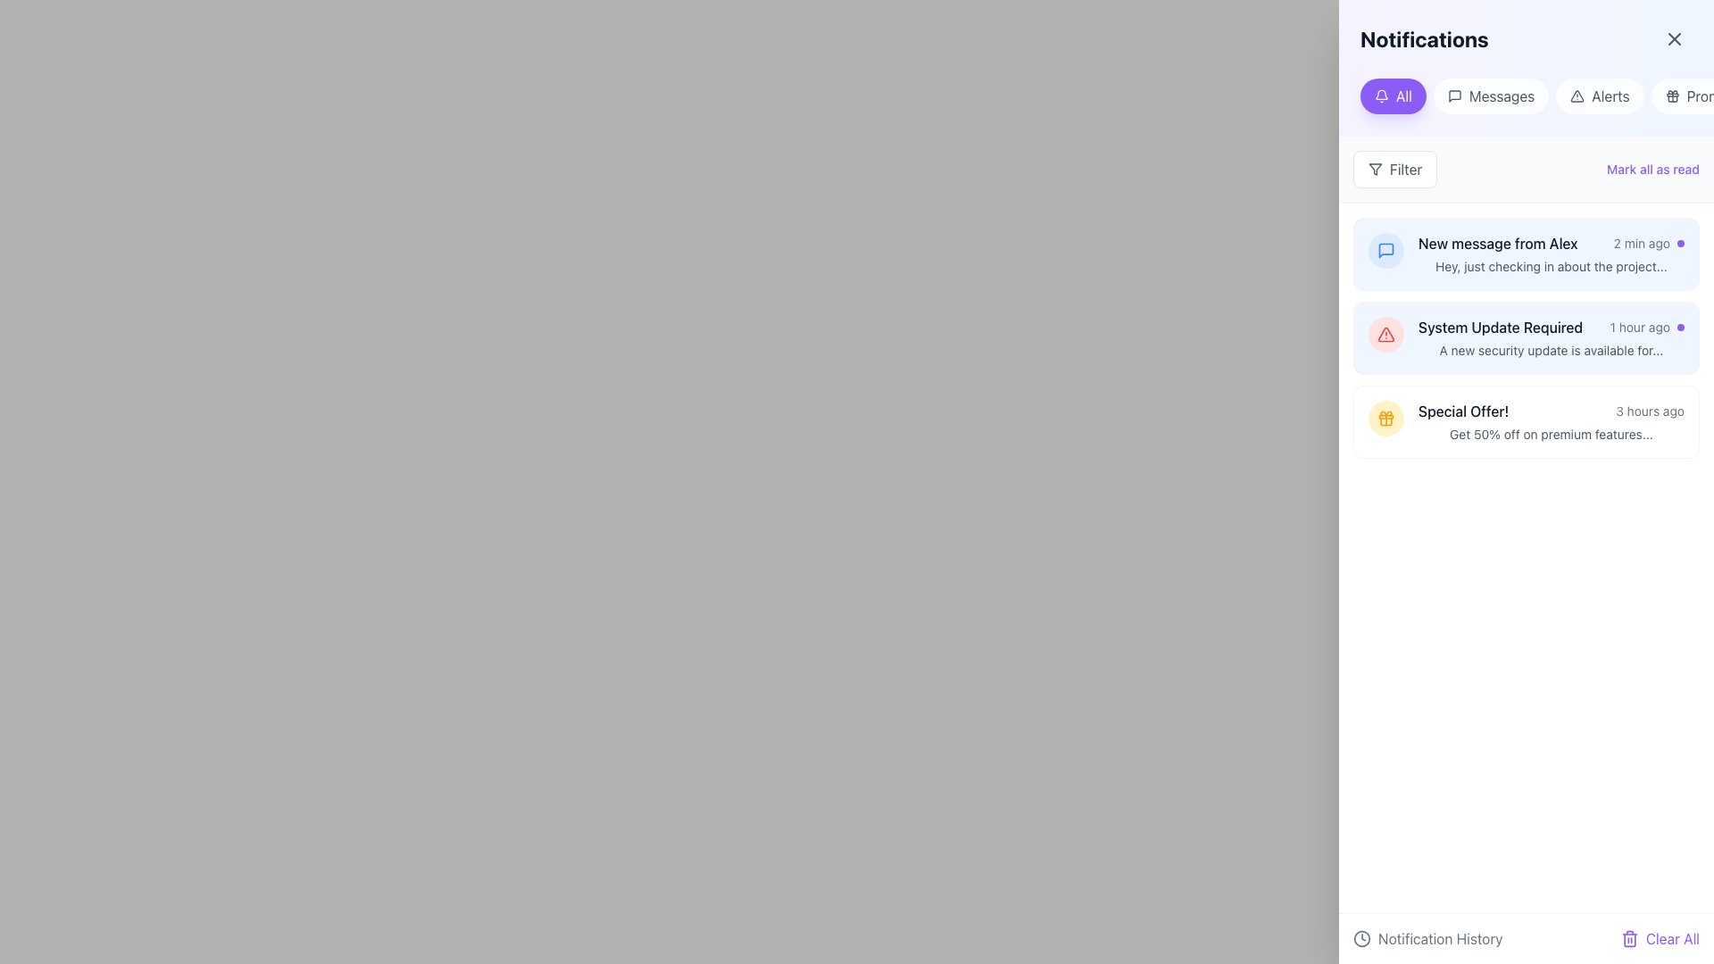 Image resolution: width=1714 pixels, height=964 pixels. Describe the element at coordinates (1577, 96) in the screenshot. I see `the alert icon in the notification filter bar located in the sidebar panel, which indicates warning or error-related messages` at that location.